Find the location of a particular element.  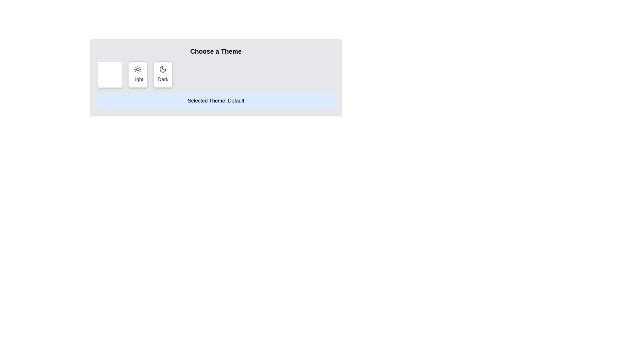

the sun icon representing the 'Light' theme option, which is located at the top of the 'Light' button in the theme selection panel is located at coordinates (138, 69).